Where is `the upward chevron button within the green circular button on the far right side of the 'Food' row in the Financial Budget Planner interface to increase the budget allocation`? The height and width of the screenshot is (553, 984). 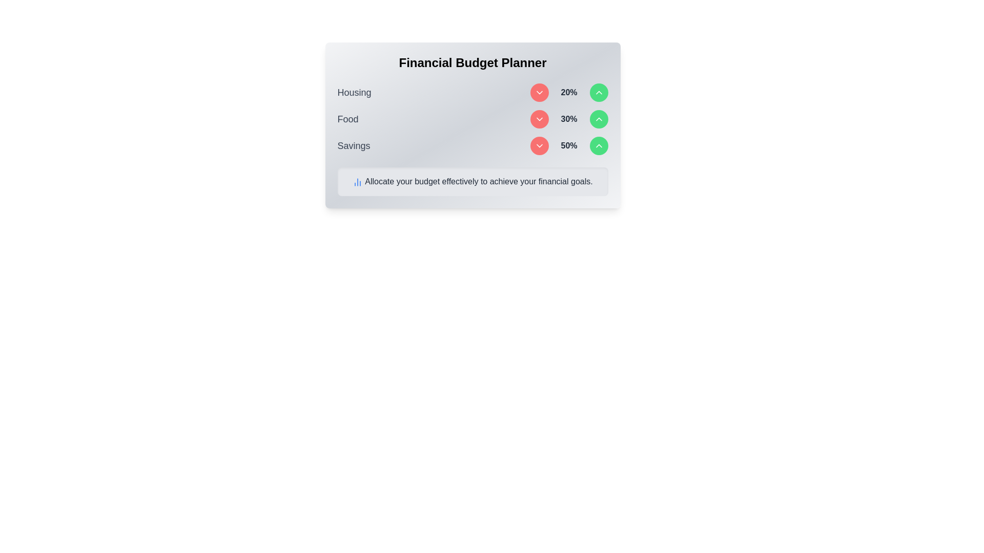 the upward chevron button within the green circular button on the far right side of the 'Food' row in the Financial Budget Planner interface to increase the budget allocation is located at coordinates (599, 146).